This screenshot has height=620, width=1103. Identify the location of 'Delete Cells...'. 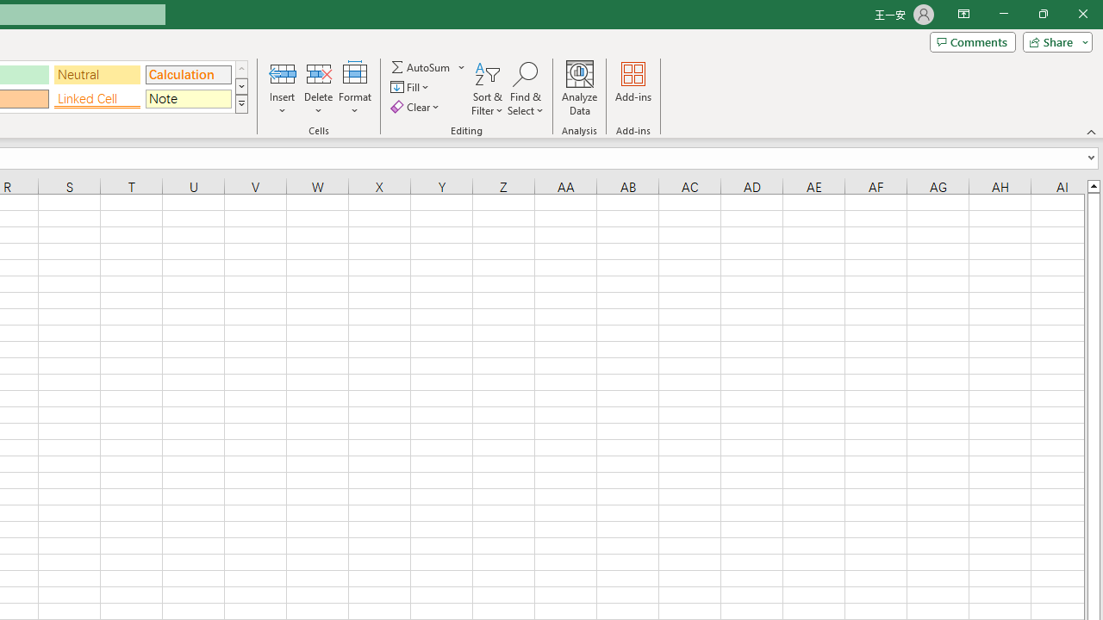
(318, 72).